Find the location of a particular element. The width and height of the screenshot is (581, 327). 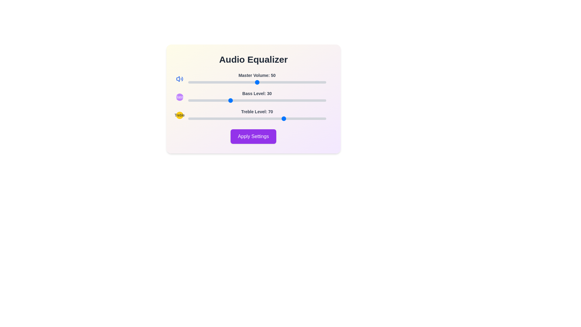

Treble Level is located at coordinates (304, 119).